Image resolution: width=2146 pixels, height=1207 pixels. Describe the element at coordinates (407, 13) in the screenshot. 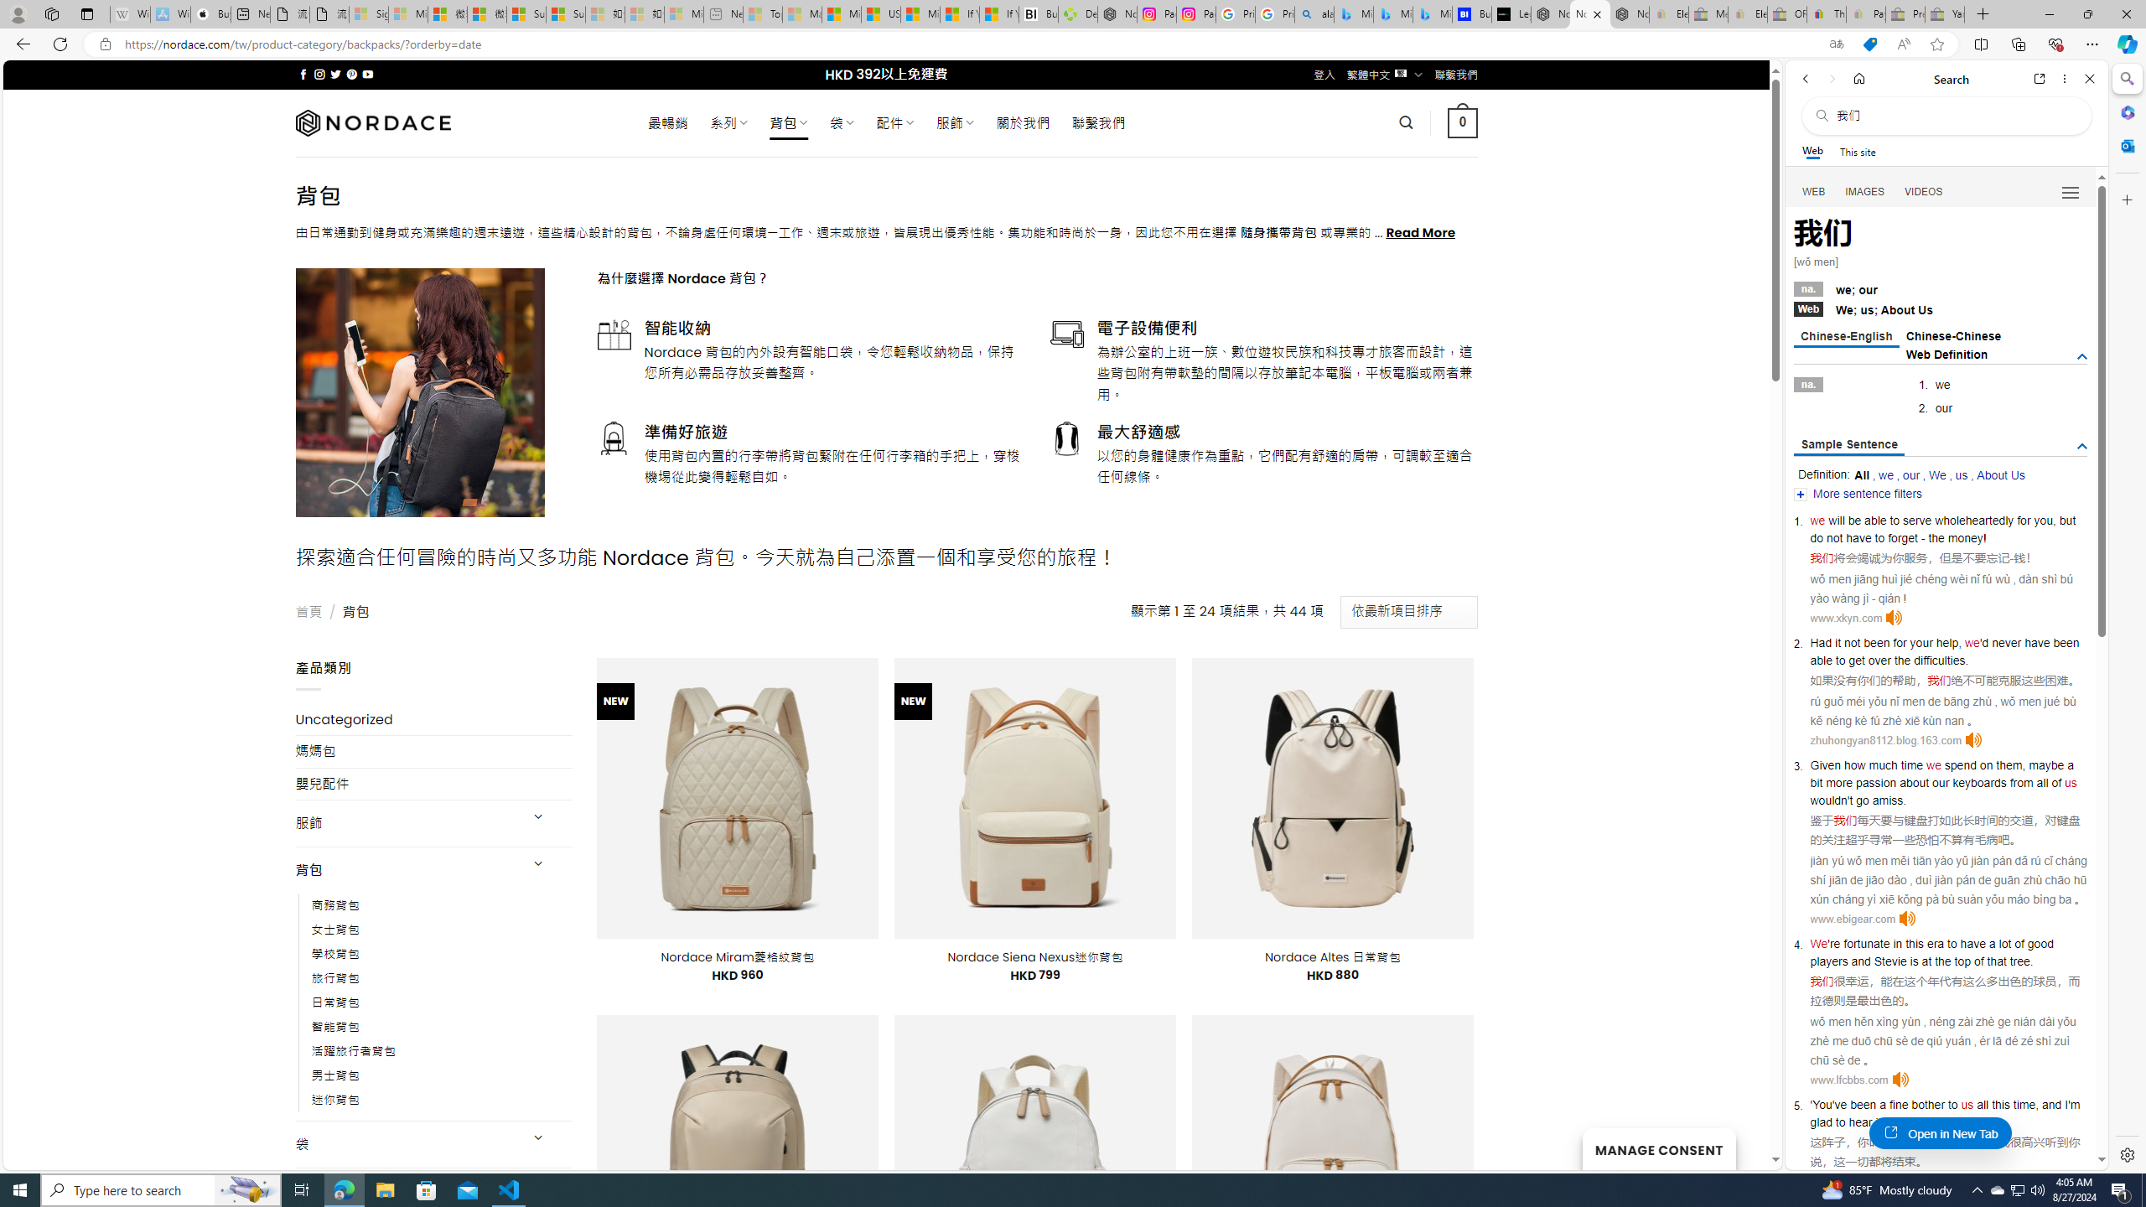

I see `'Microsoft Services Agreement - Sleeping'` at that location.